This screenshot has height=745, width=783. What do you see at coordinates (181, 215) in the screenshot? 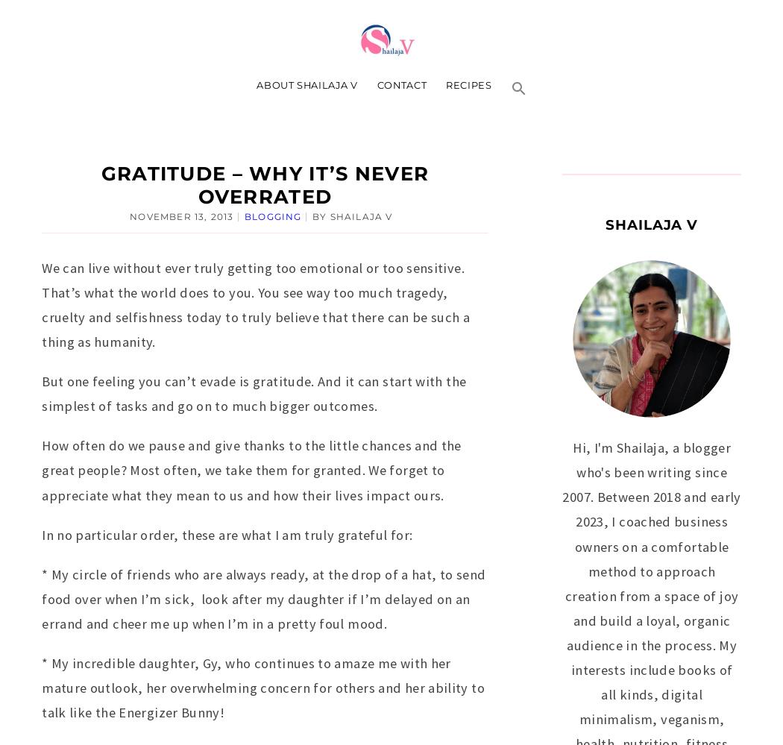
I see `'November 13, 2013'` at bounding box center [181, 215].